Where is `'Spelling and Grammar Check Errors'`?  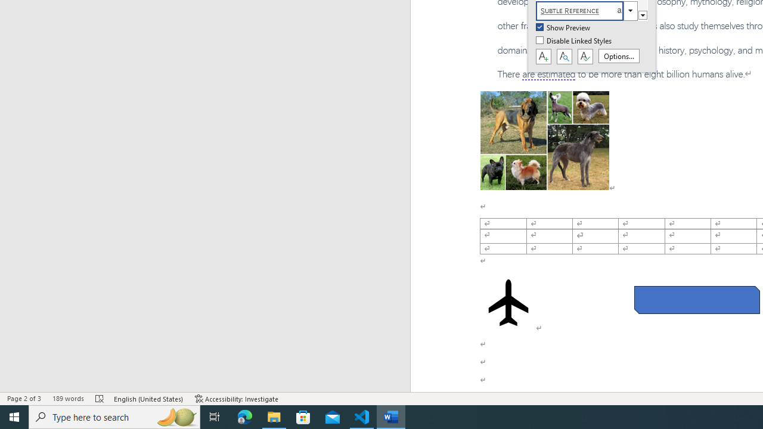
'Spelling and Grammar Check Errors' is located at coordinates (100, 399).